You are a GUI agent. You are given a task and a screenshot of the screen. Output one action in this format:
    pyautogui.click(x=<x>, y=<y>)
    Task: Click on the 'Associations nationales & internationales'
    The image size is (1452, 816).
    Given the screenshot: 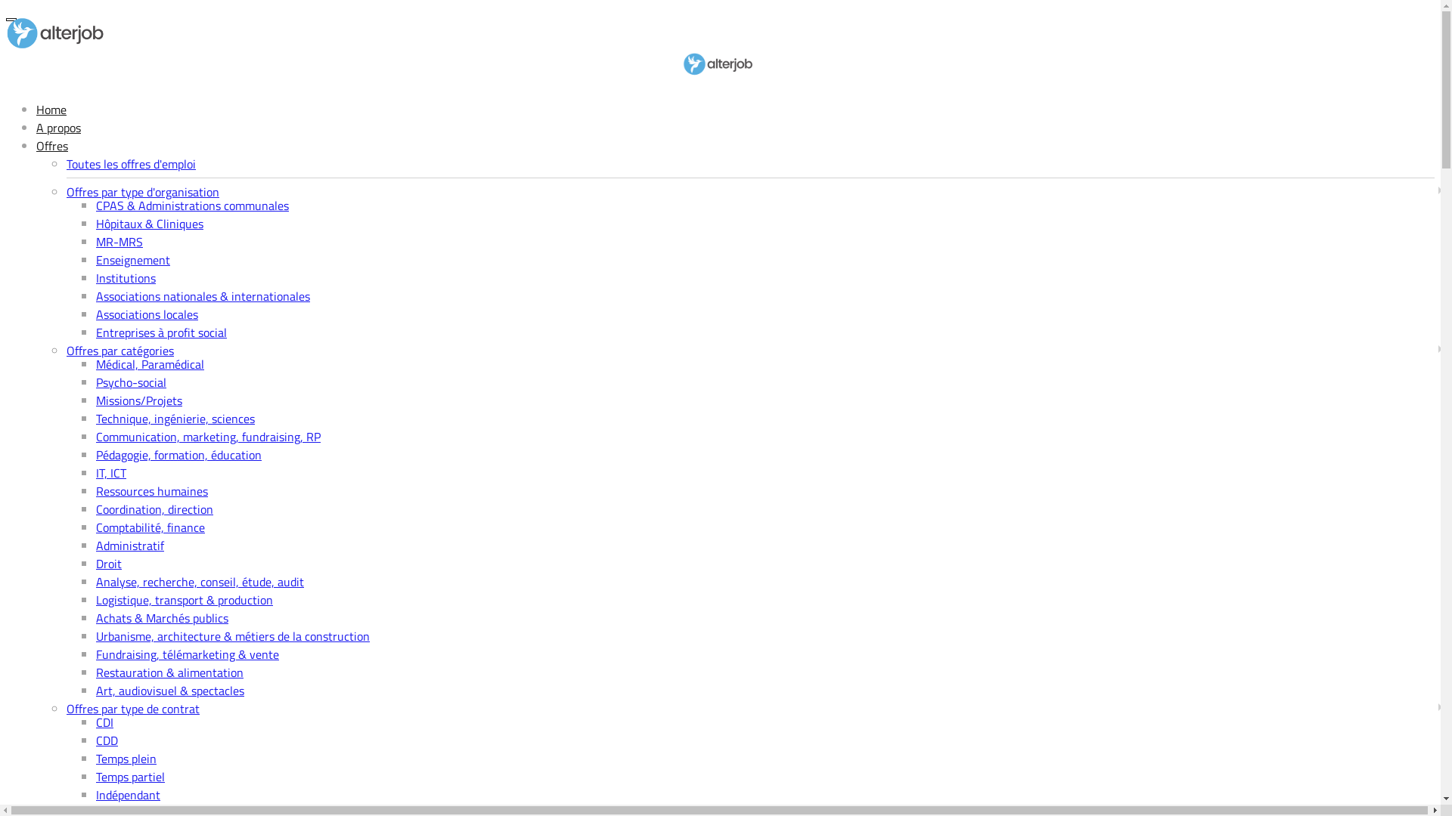 What is the action you would take?
    pyautogui.click(x=202, y=296)
    